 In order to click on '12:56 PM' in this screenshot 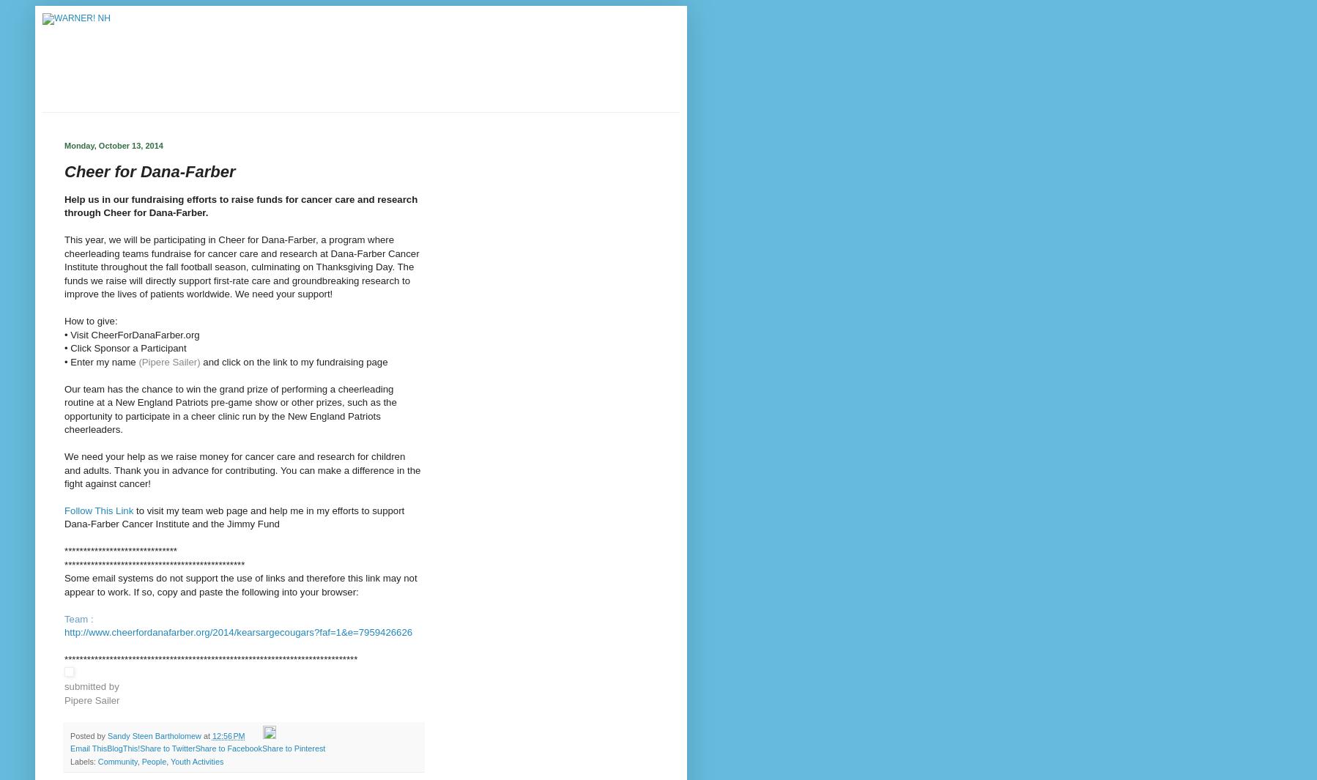, I will do `click(227, 736)`.